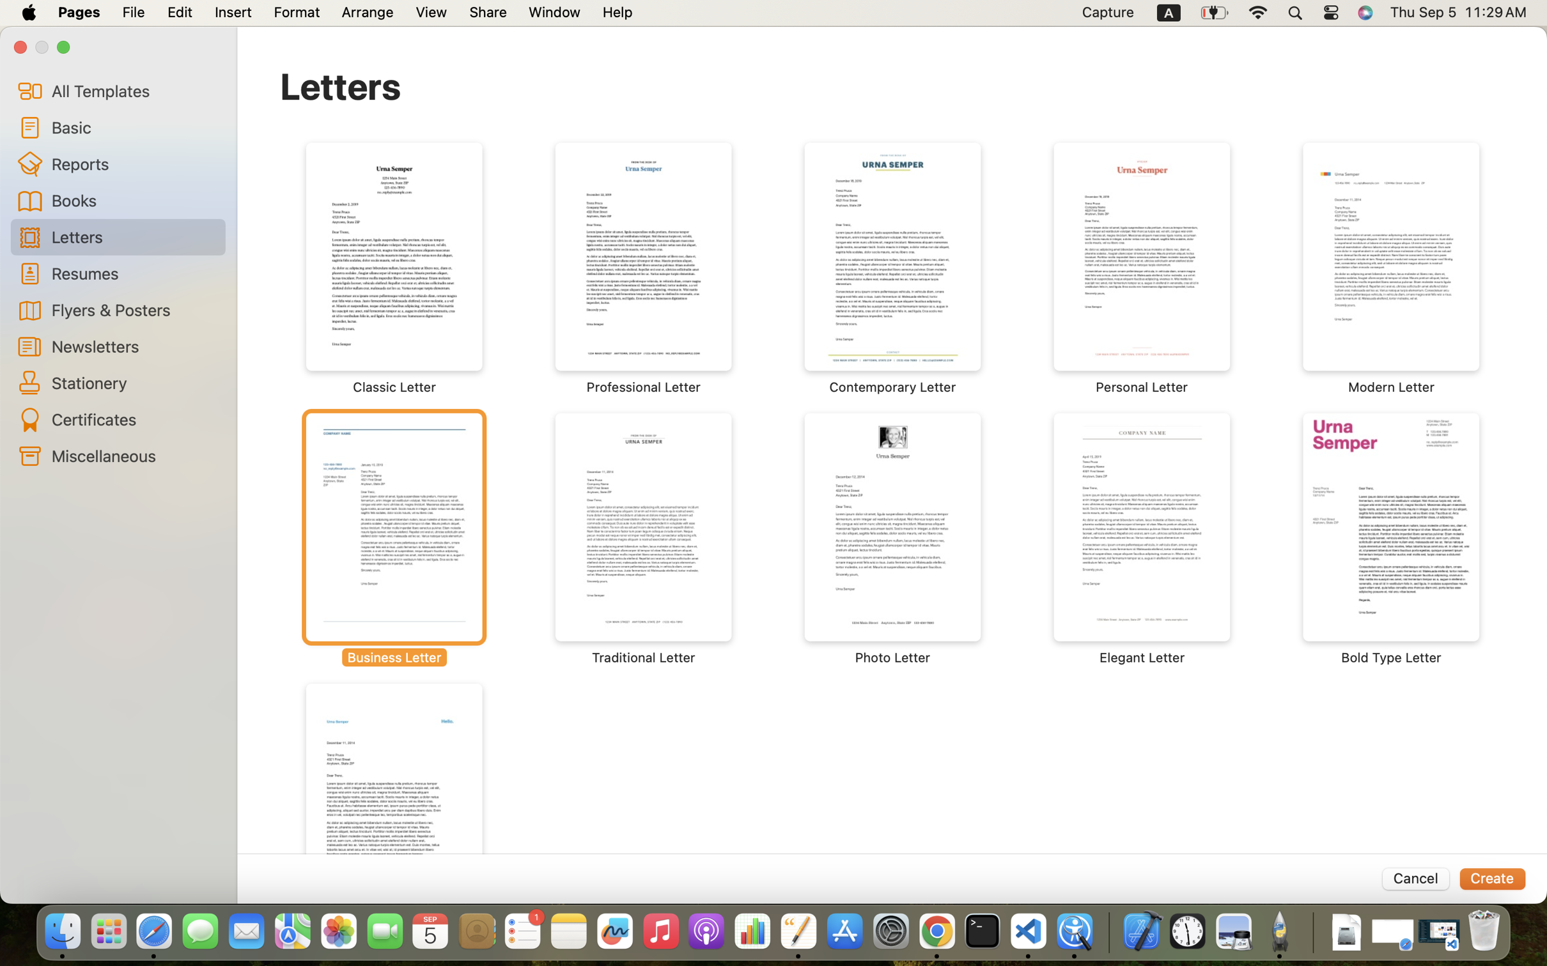  I want to click on 'Certificates', so click(133, 419).